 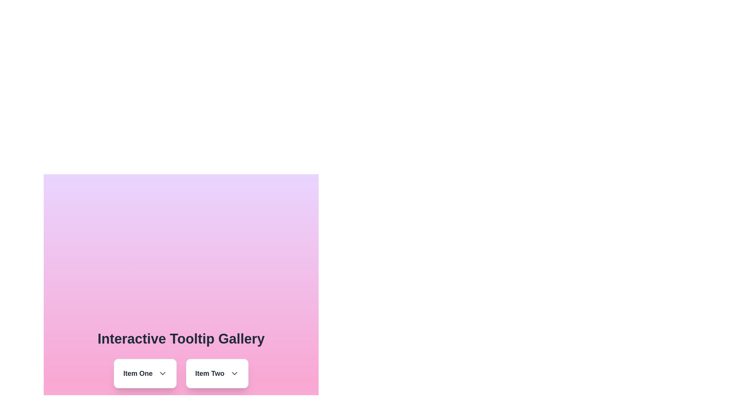 What do you see at coordinates (181, 339) in the screenshot?
I see `the prominently displayed static text 'Interactive Tooltip Gallery' which is bold, large, and black, positioned against a vibrant gradient background, and located above the interactive items list` at bounding box center [181, 339].